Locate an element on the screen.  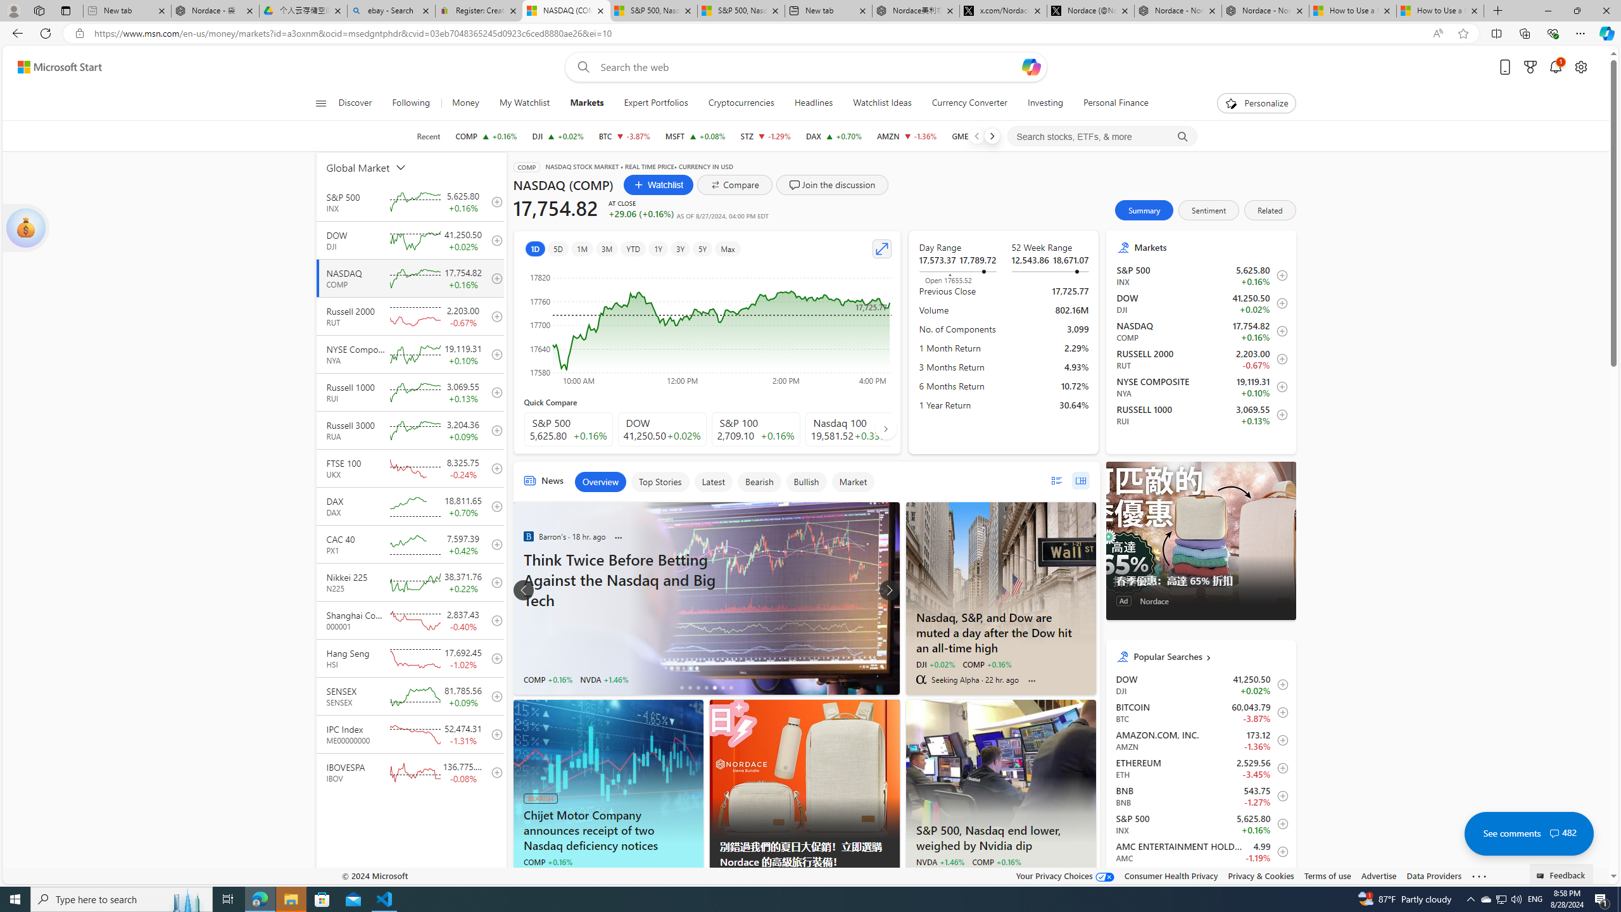
'Nordace (@NordaceOfficial) / X' is located at coordinates (1090, 10).